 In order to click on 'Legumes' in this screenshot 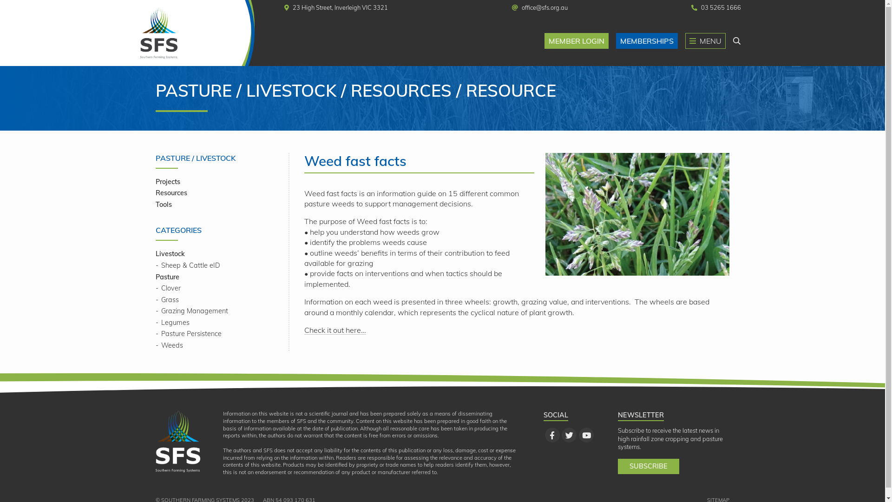, I will do `click(156, 322)`.